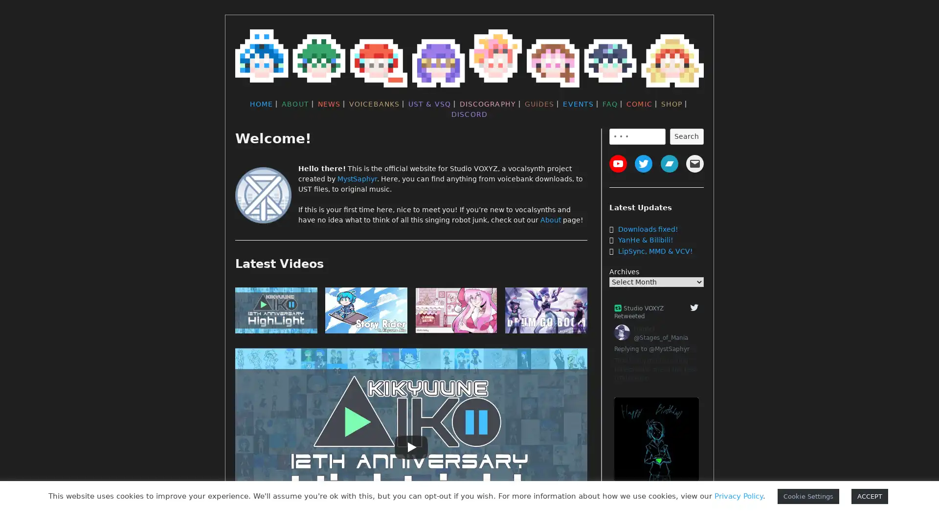 This screenshot has width=939, height=528. What do you see at coordinates (365, 312) in the screenshot?
I see `play` at bounding box center [365, 312].